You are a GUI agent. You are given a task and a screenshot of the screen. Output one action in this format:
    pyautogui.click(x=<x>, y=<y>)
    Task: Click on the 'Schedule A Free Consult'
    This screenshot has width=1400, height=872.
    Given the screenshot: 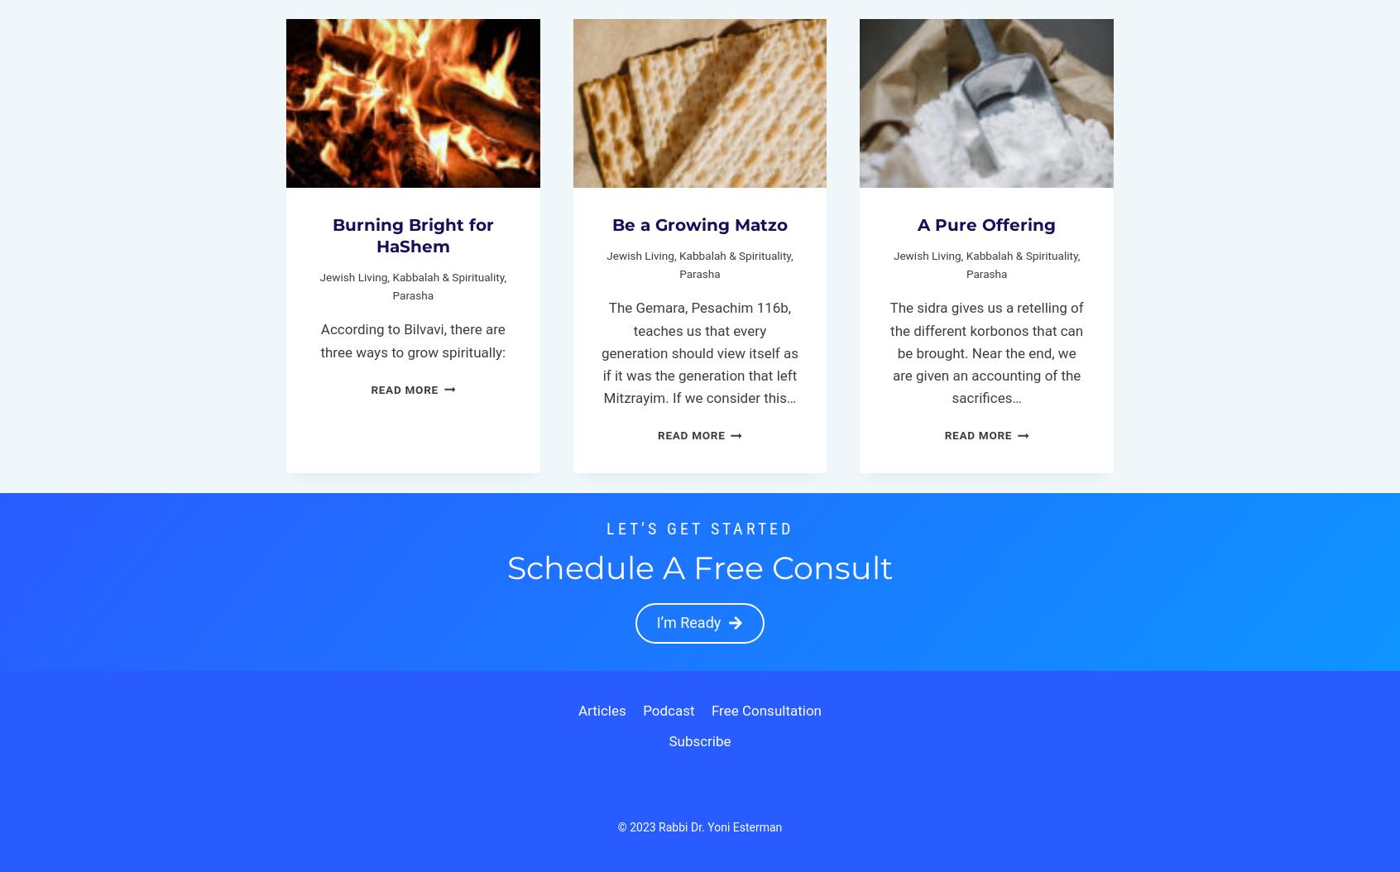 What is the action you would take?
    pyautogui.click(x=700, y=567)
    